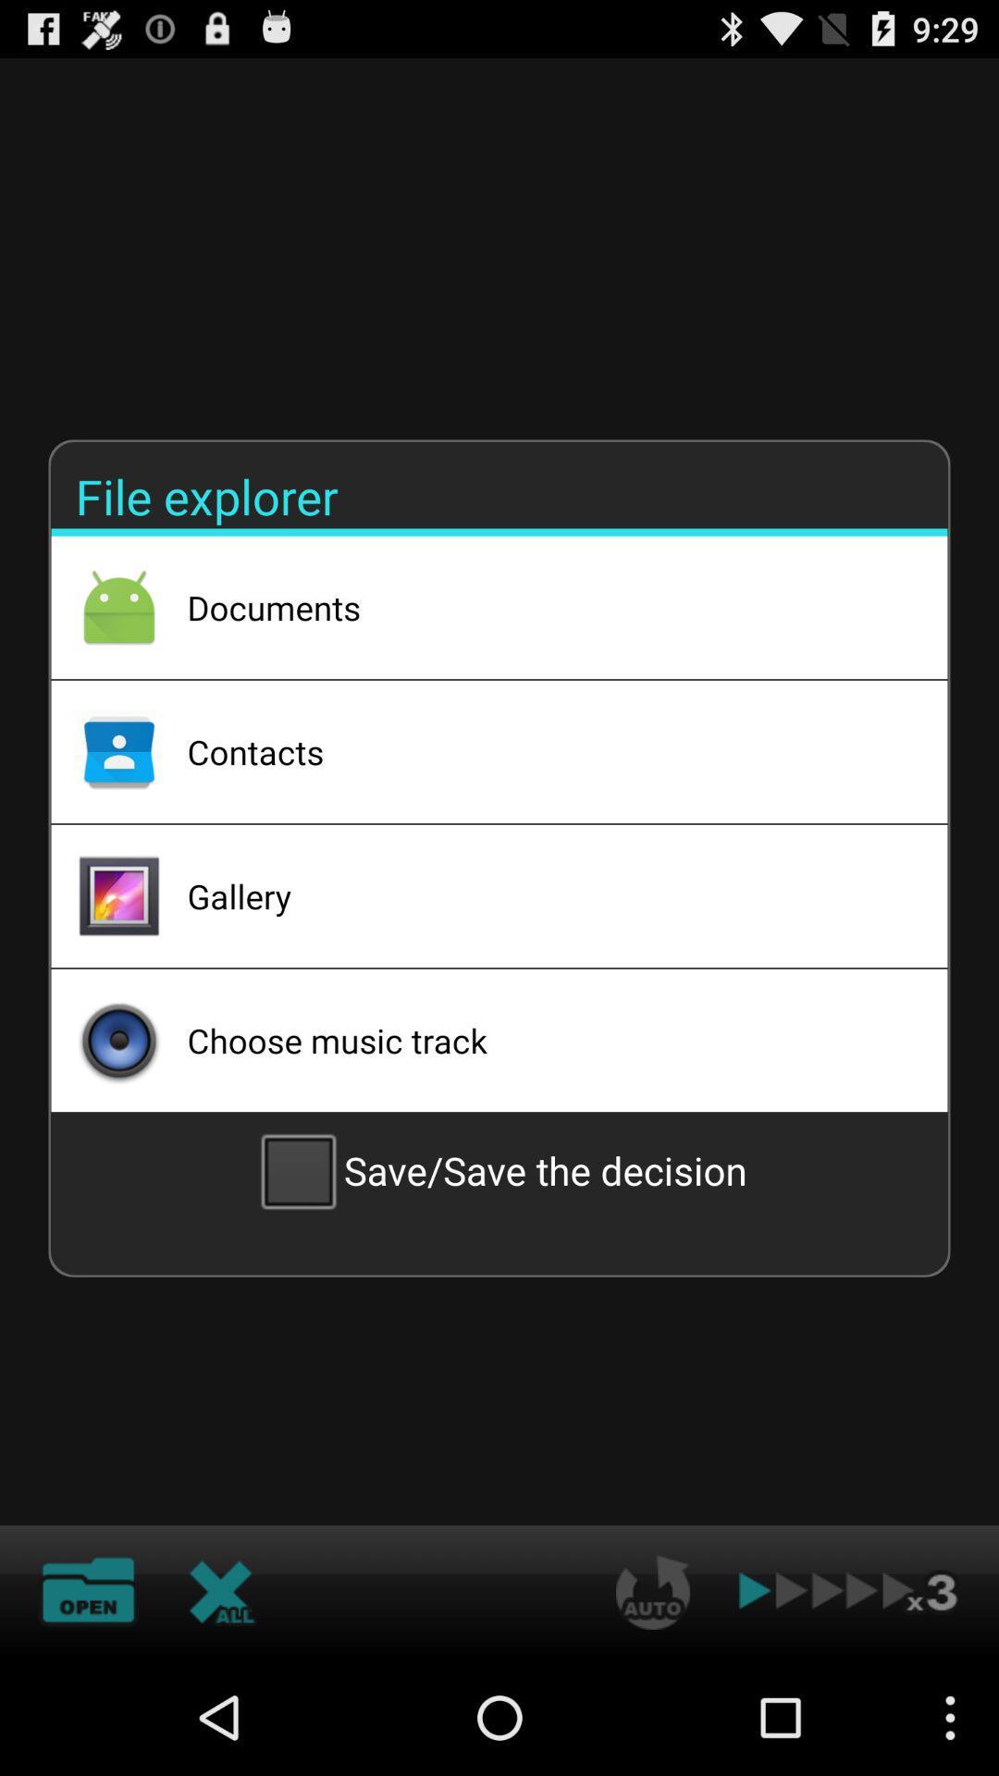 Image resolution: width=999 pixels, height=1776 pixels. What do you see at coordinates (499, 1169) in the screenshot?
I see `save save the item` at bounding box center [499, 1169].